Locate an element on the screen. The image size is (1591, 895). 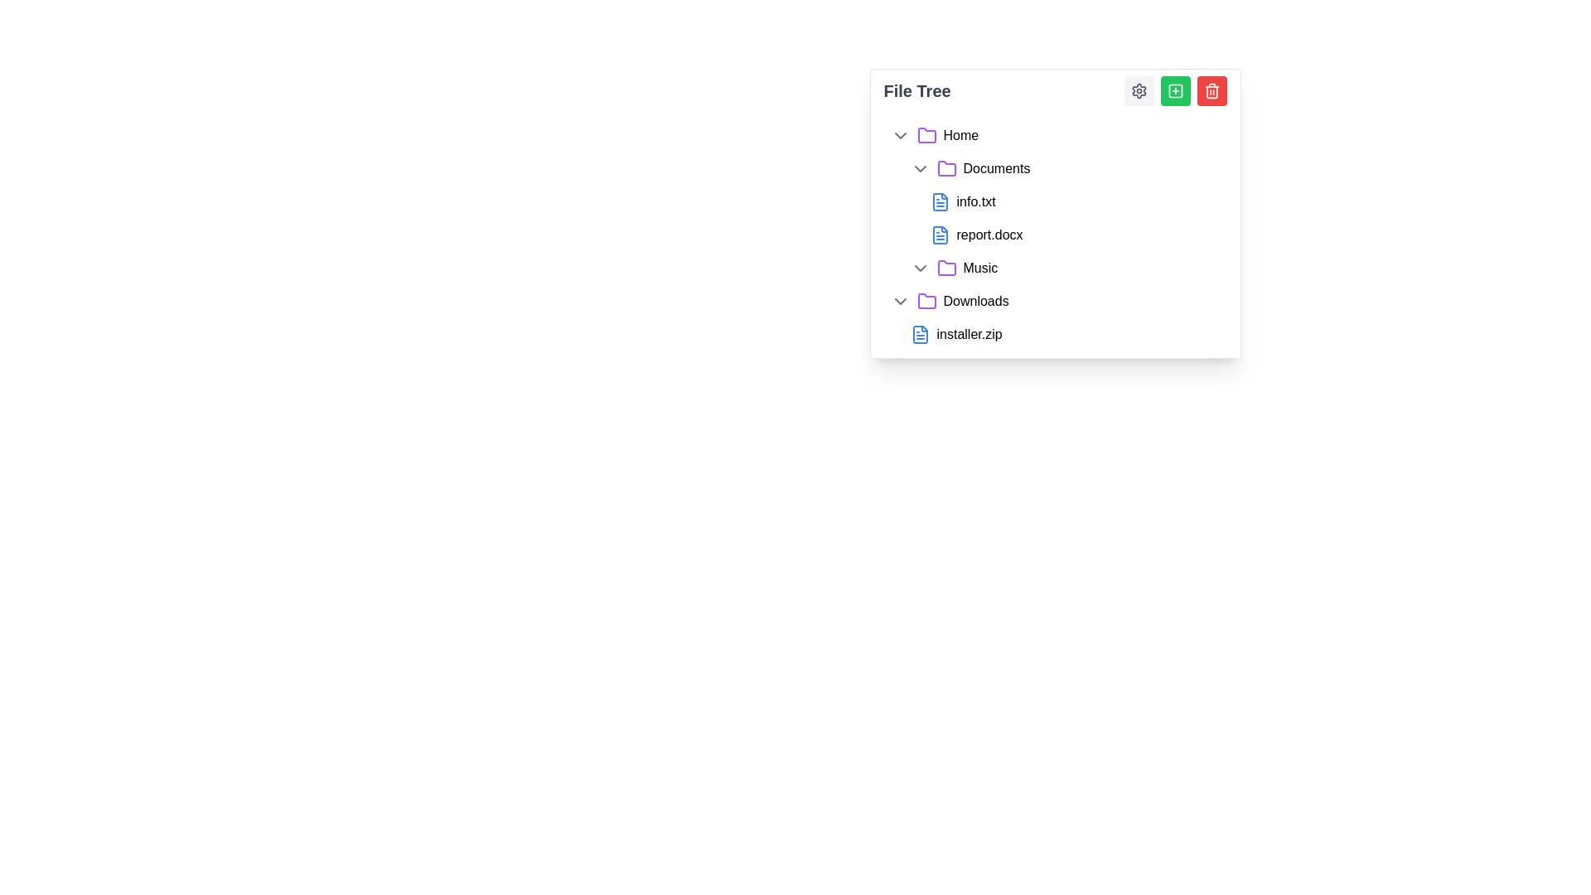
the folder icon representing the Downloads section is located at coordinates (926, 301).